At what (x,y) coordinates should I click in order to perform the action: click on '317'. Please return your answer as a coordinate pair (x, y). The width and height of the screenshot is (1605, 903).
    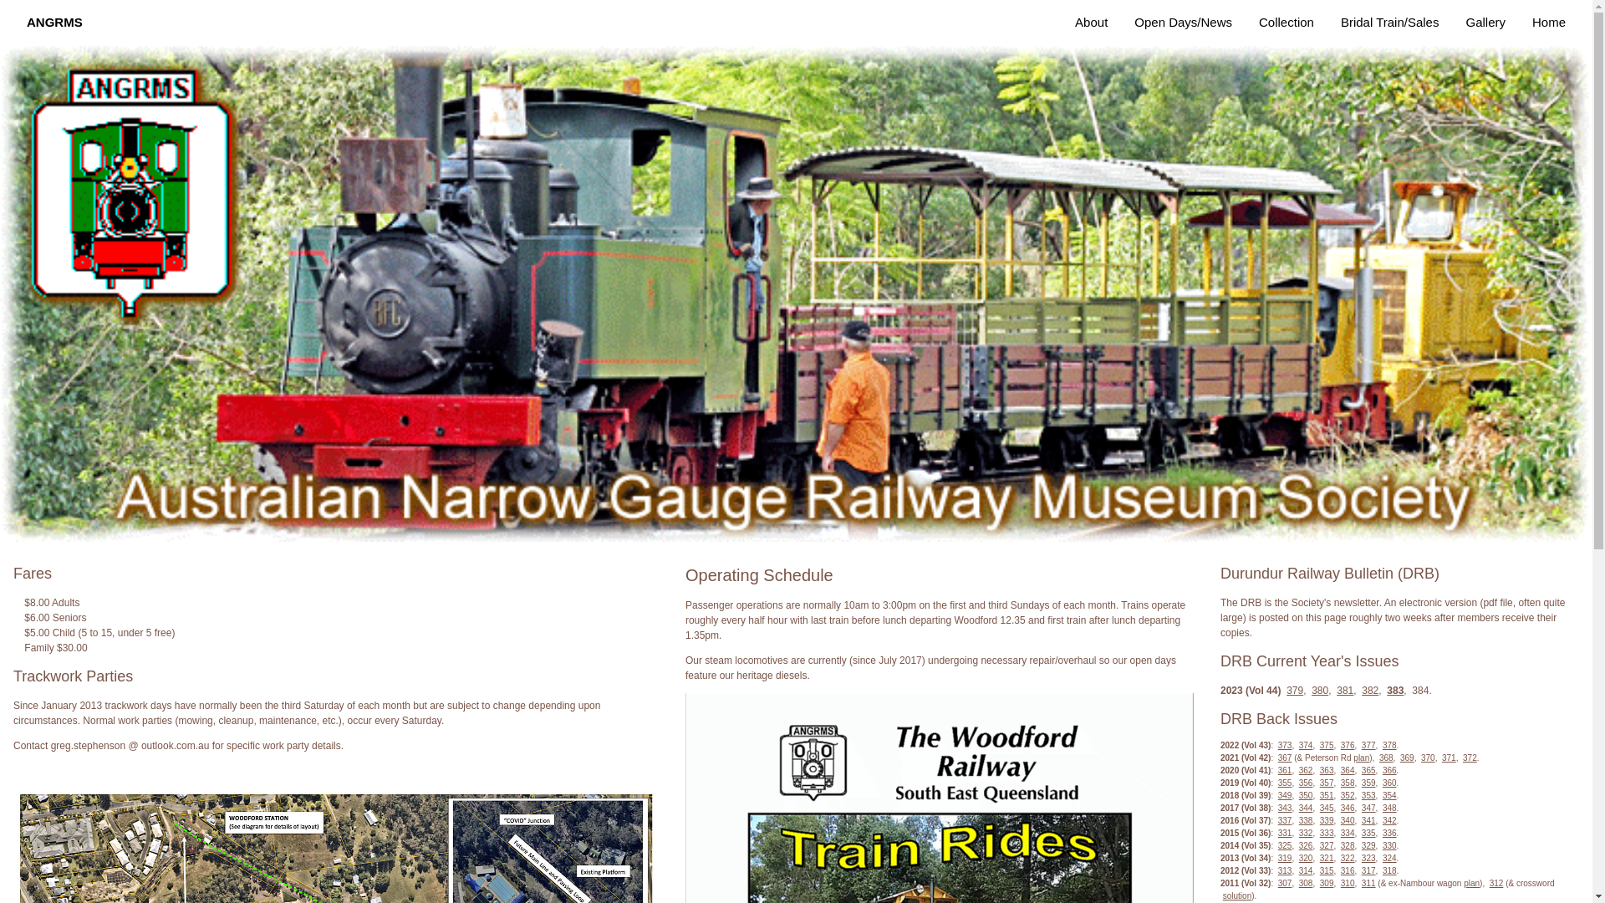
    Looking at the image, I should click on (1368, 870).